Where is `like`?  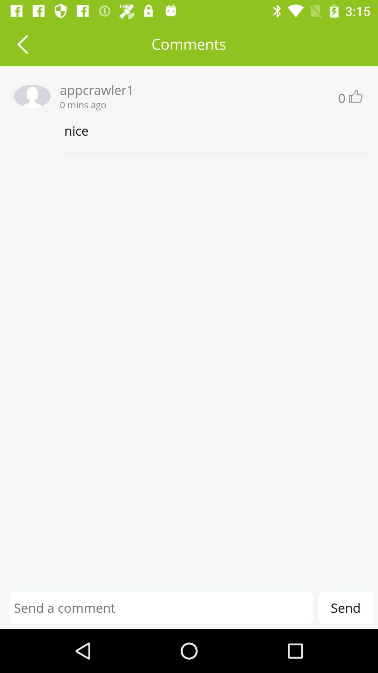
like is located at coordinates (355, 96).